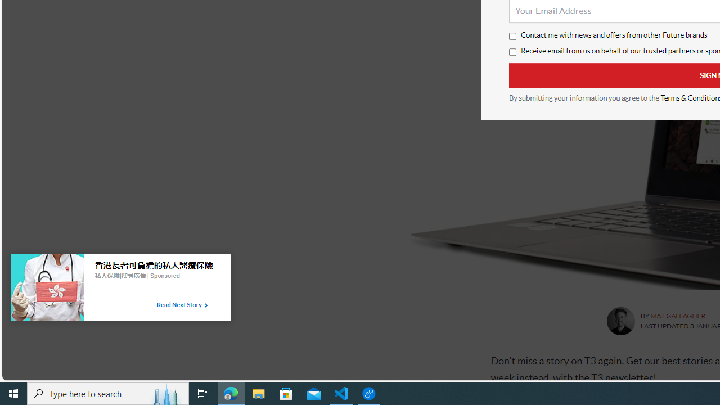 This screenshot has height=405, width=720. I want to click on 'Class: tbl-arrow-icon arrow-1', so click(206, 305).